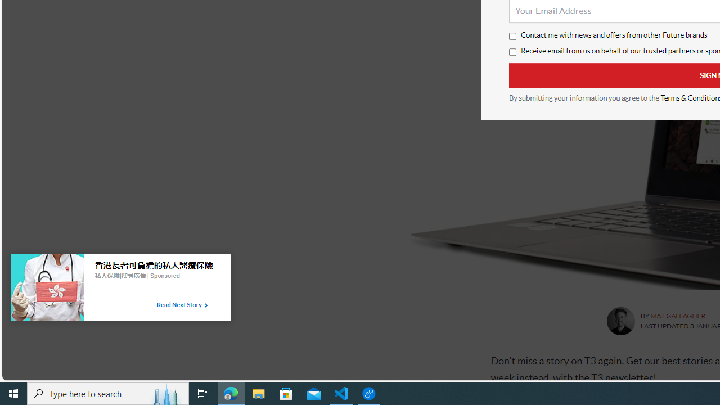 This screenshot has height=405, width=720. I want to click on 'Class: tbl-arrow-icon arrow-1', so click(206, 305).